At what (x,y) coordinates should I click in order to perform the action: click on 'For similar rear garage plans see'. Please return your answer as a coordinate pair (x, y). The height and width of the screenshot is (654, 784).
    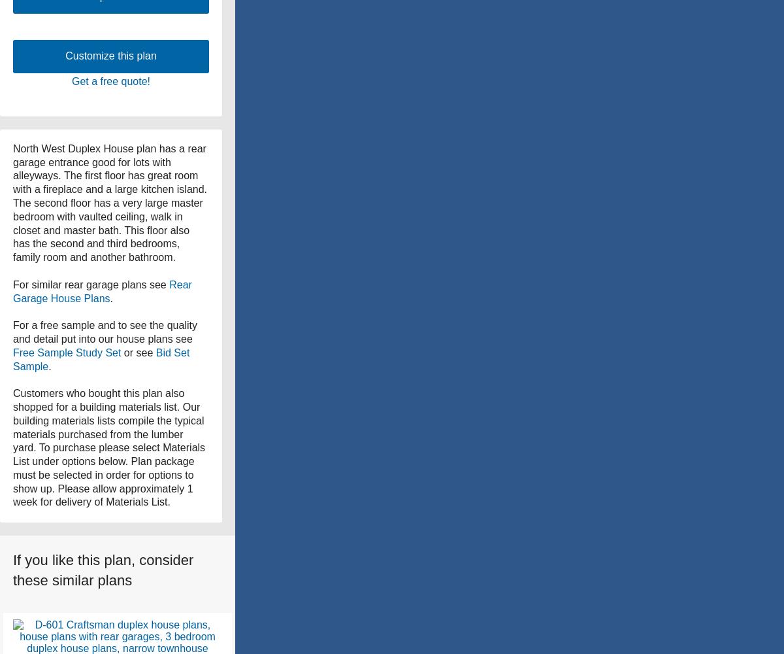
    Looking at the image, I should click on (91, 284).